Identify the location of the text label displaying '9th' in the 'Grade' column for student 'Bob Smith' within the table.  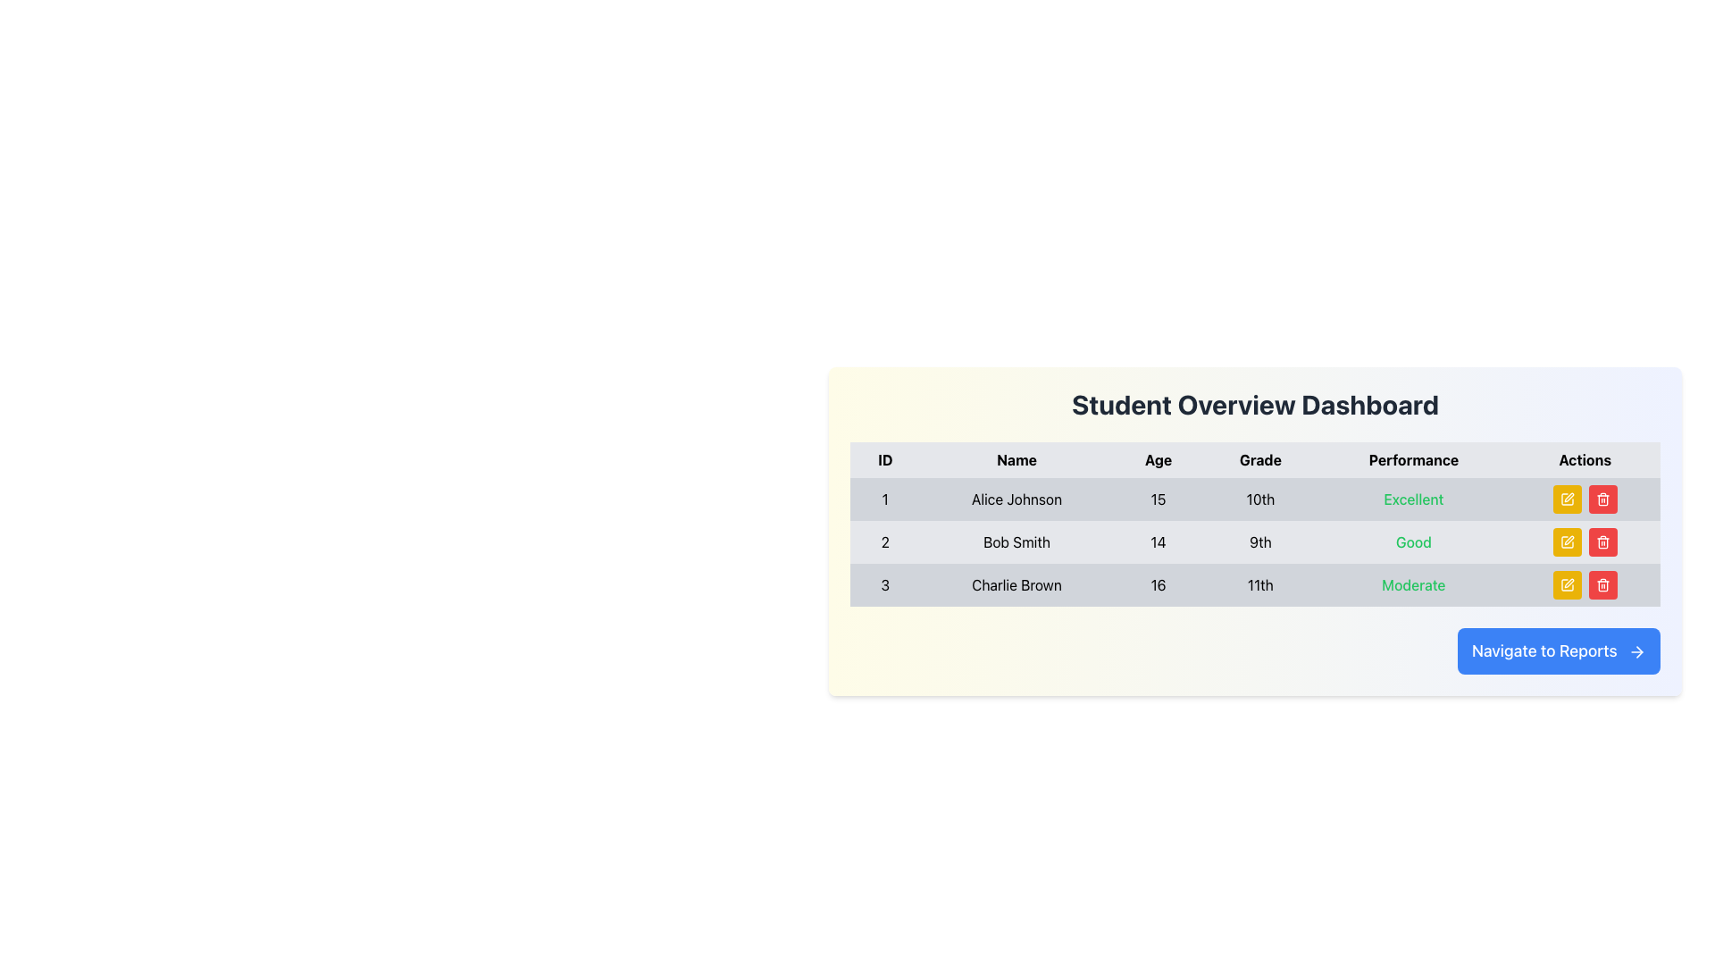
(1259, 541).